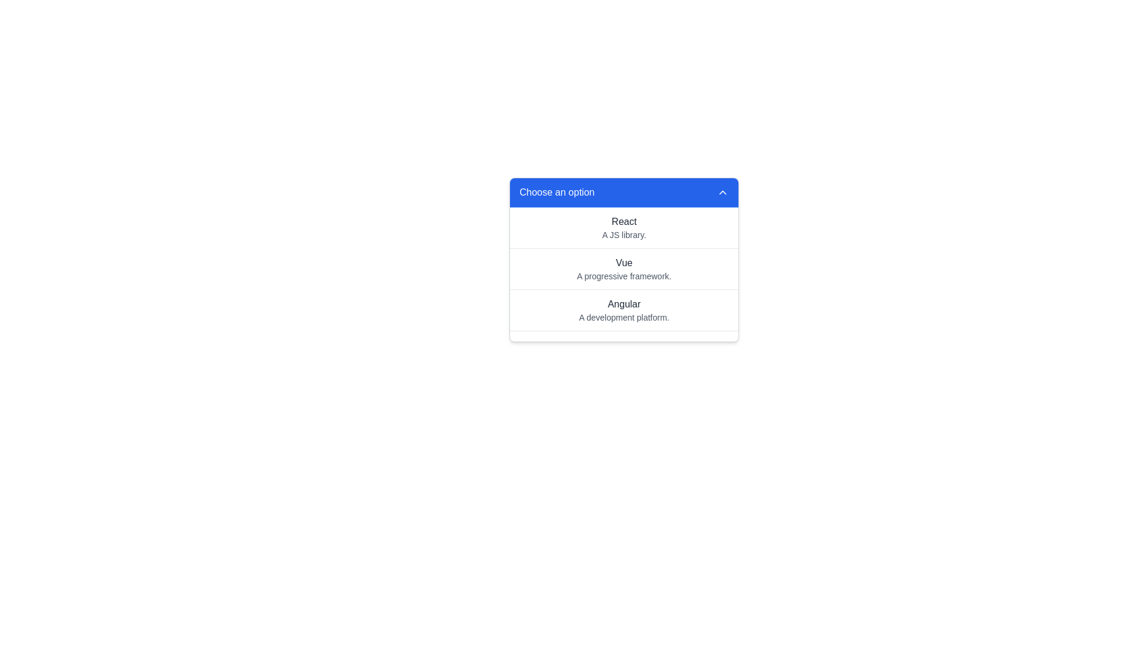 The height and width of the screenshot is (646, 1148). What do you see at coordinates (623, 317) in the screenshot?
I see `the informational text label located below the 'Angular' option in the dropdown menu, which provides additional information about it` at bounding box center [623, 317].